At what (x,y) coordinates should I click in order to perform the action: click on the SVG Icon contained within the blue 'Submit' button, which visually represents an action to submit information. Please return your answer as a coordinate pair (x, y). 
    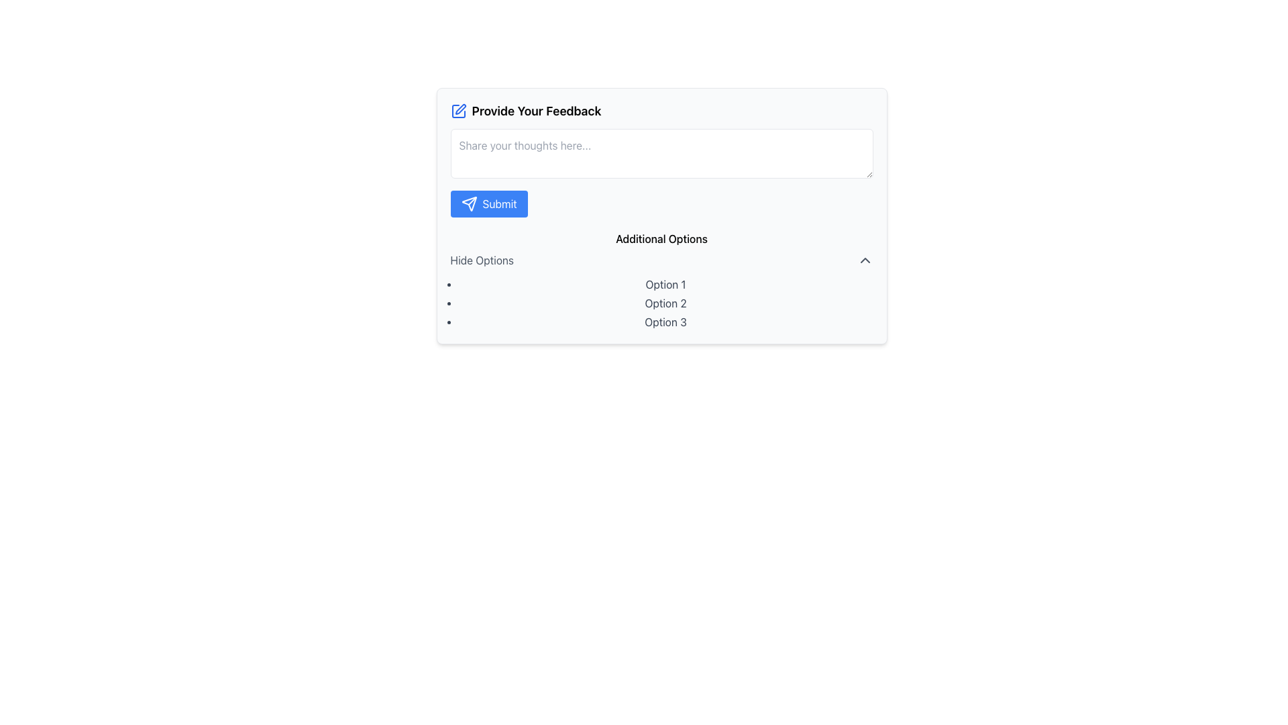
    Looking at the image, I should click on (469, 204).